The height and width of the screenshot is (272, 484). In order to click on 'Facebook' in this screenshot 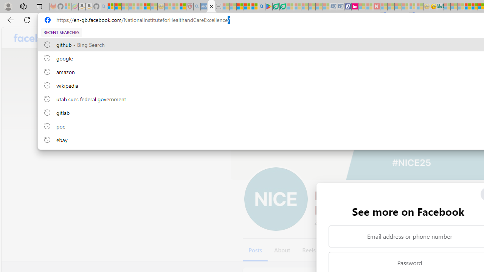, I will do `click(36, 38)`.